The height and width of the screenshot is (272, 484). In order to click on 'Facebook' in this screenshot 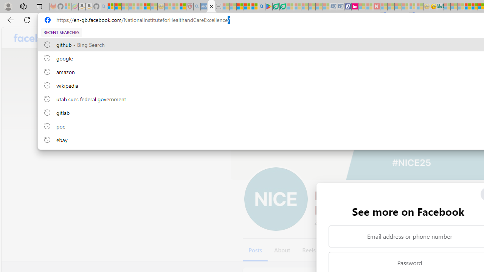, I will do `click(36, 38)`.